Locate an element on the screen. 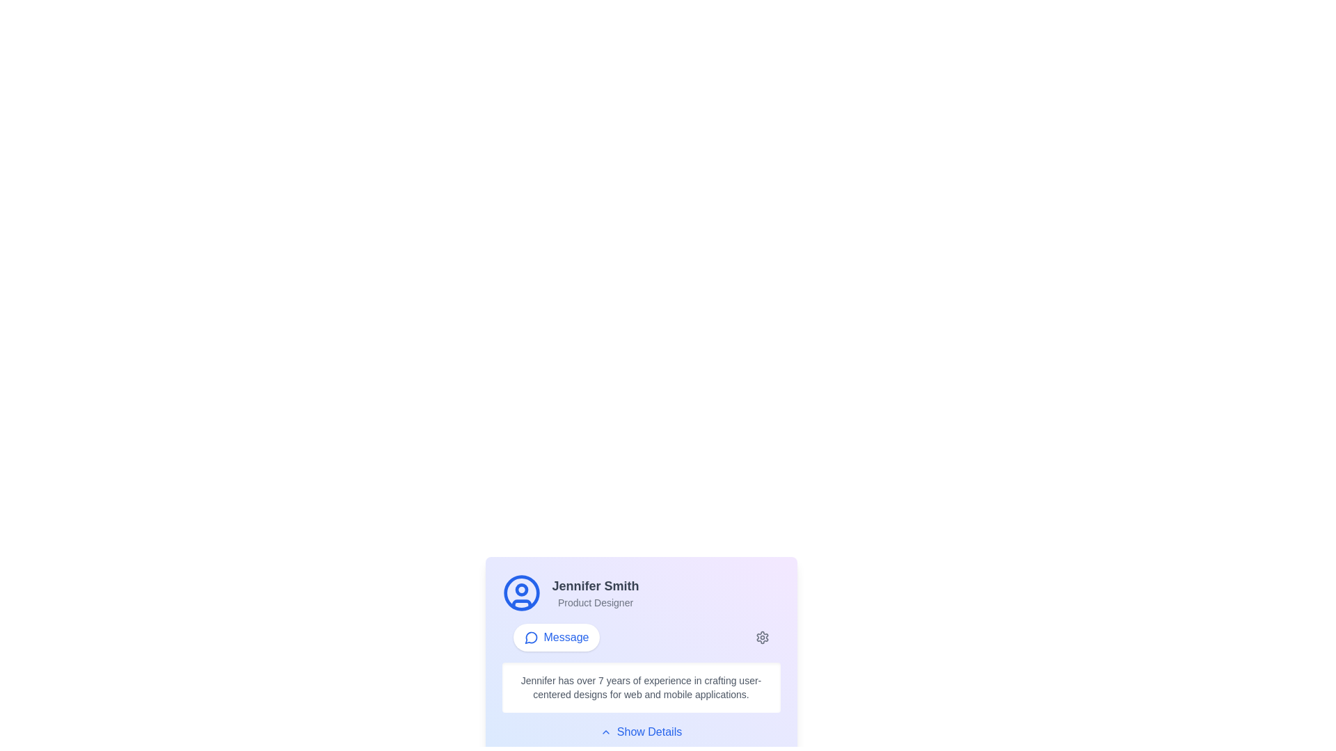 The width and height of the screenshot is (1336, 751). the Settings Icon located in the bottom-right corner of the user profile card interface is located at coordinates (761, 638).